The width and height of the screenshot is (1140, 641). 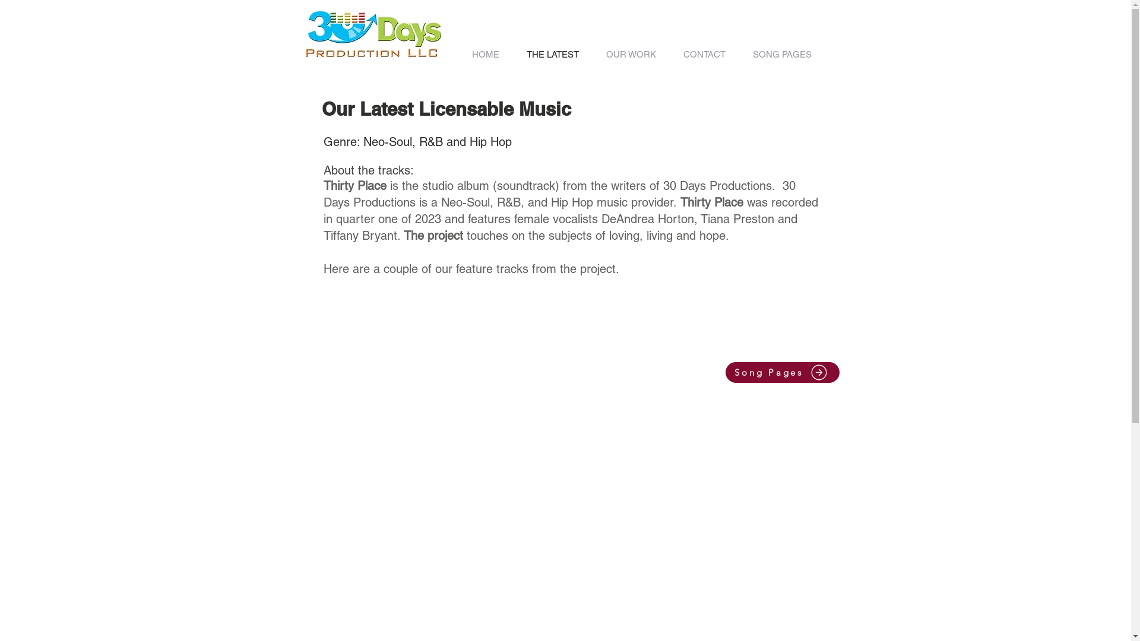 What do you see at coordinates (630, 54) in the screenshot?
I see `'OUR WORK'` at bounding box center [630, 54].